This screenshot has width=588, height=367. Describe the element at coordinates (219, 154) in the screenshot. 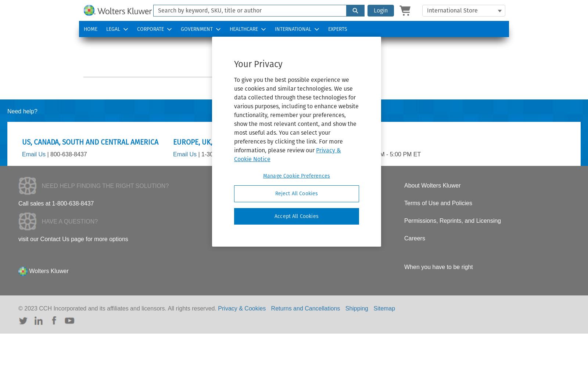

I see `'| 1-301-698-7100'` at that location.